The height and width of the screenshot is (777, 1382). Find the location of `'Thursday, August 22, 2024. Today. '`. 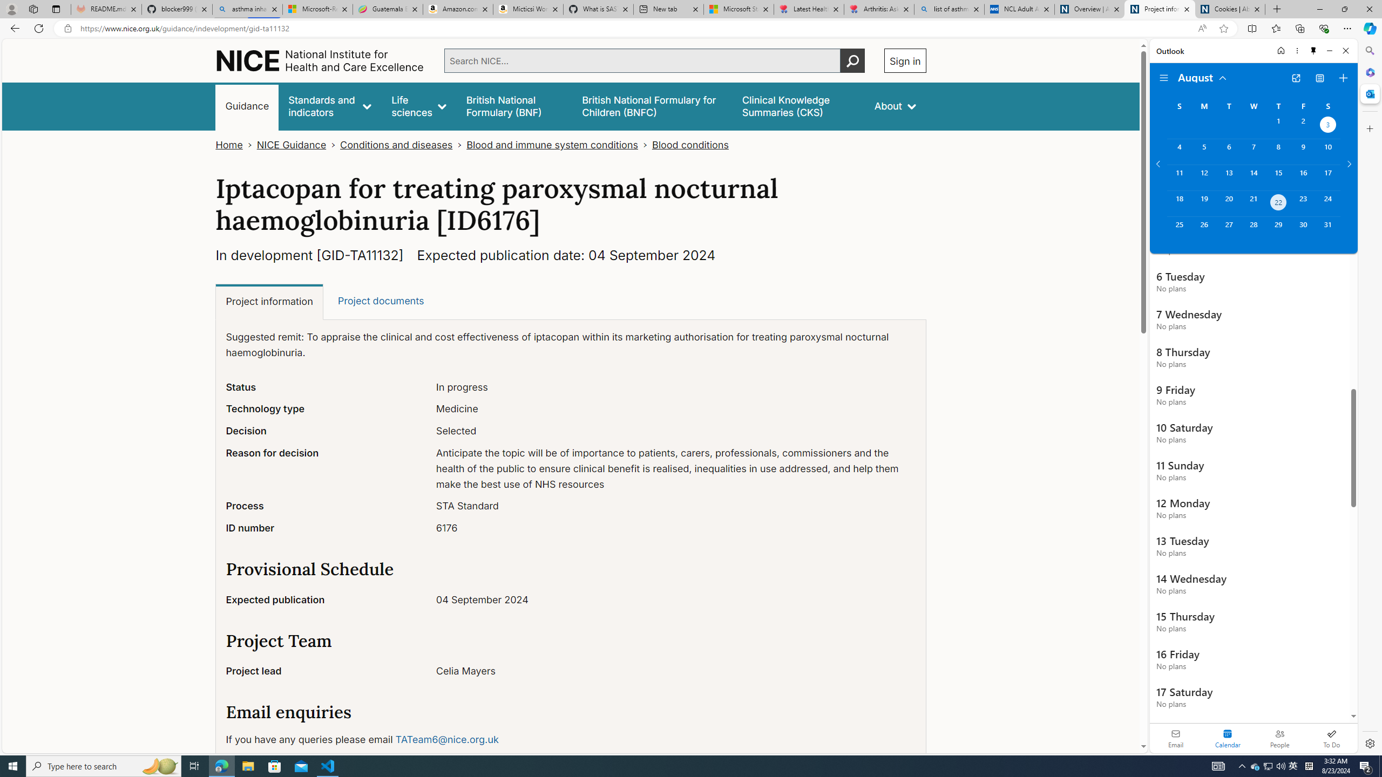

'Thursday, August 22, 2024. Today. ' is located at coordinates (1278, 203).